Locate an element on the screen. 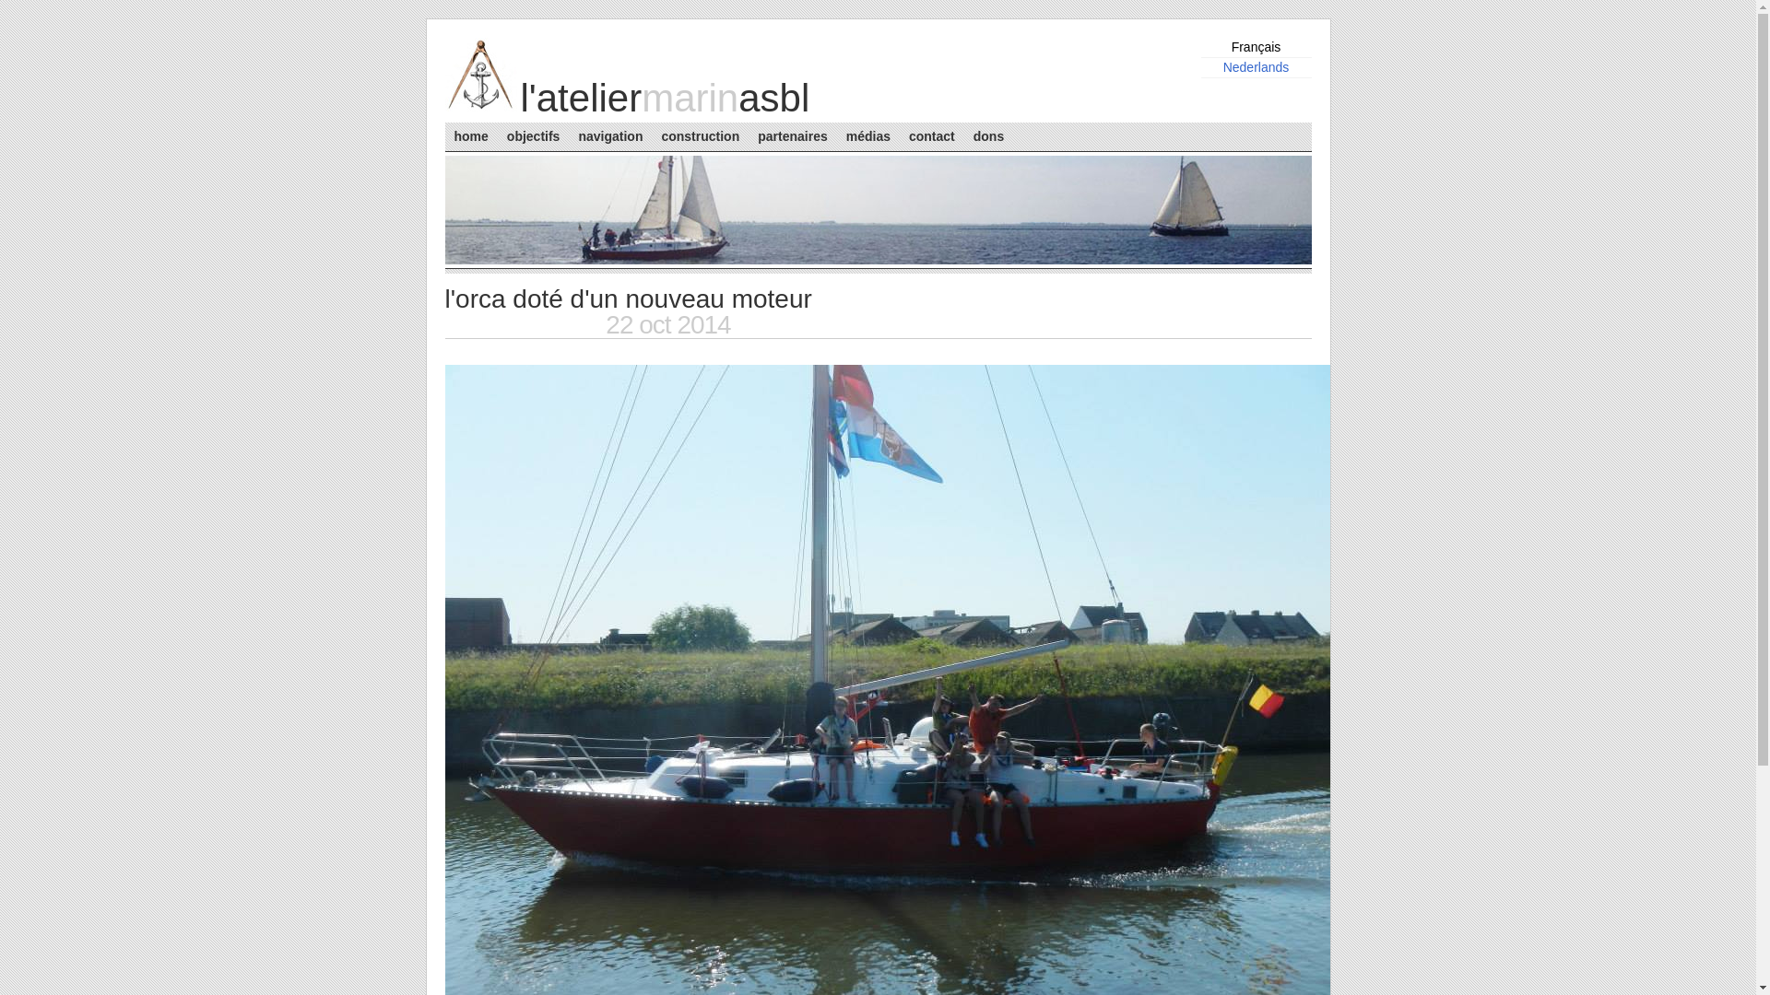 This screenshot has width=1770, height=995. 'partenaires' is located at coordinates (748, 135).